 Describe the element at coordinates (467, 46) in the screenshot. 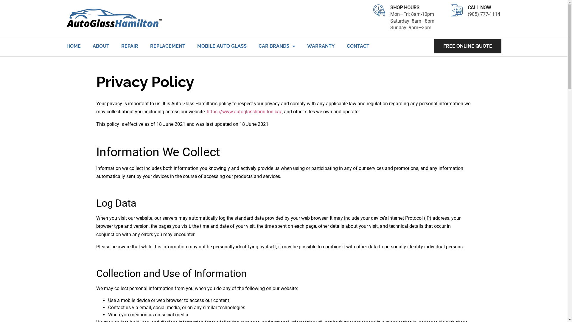

I see `'FREE ONLINE QUOTE'` at that location.